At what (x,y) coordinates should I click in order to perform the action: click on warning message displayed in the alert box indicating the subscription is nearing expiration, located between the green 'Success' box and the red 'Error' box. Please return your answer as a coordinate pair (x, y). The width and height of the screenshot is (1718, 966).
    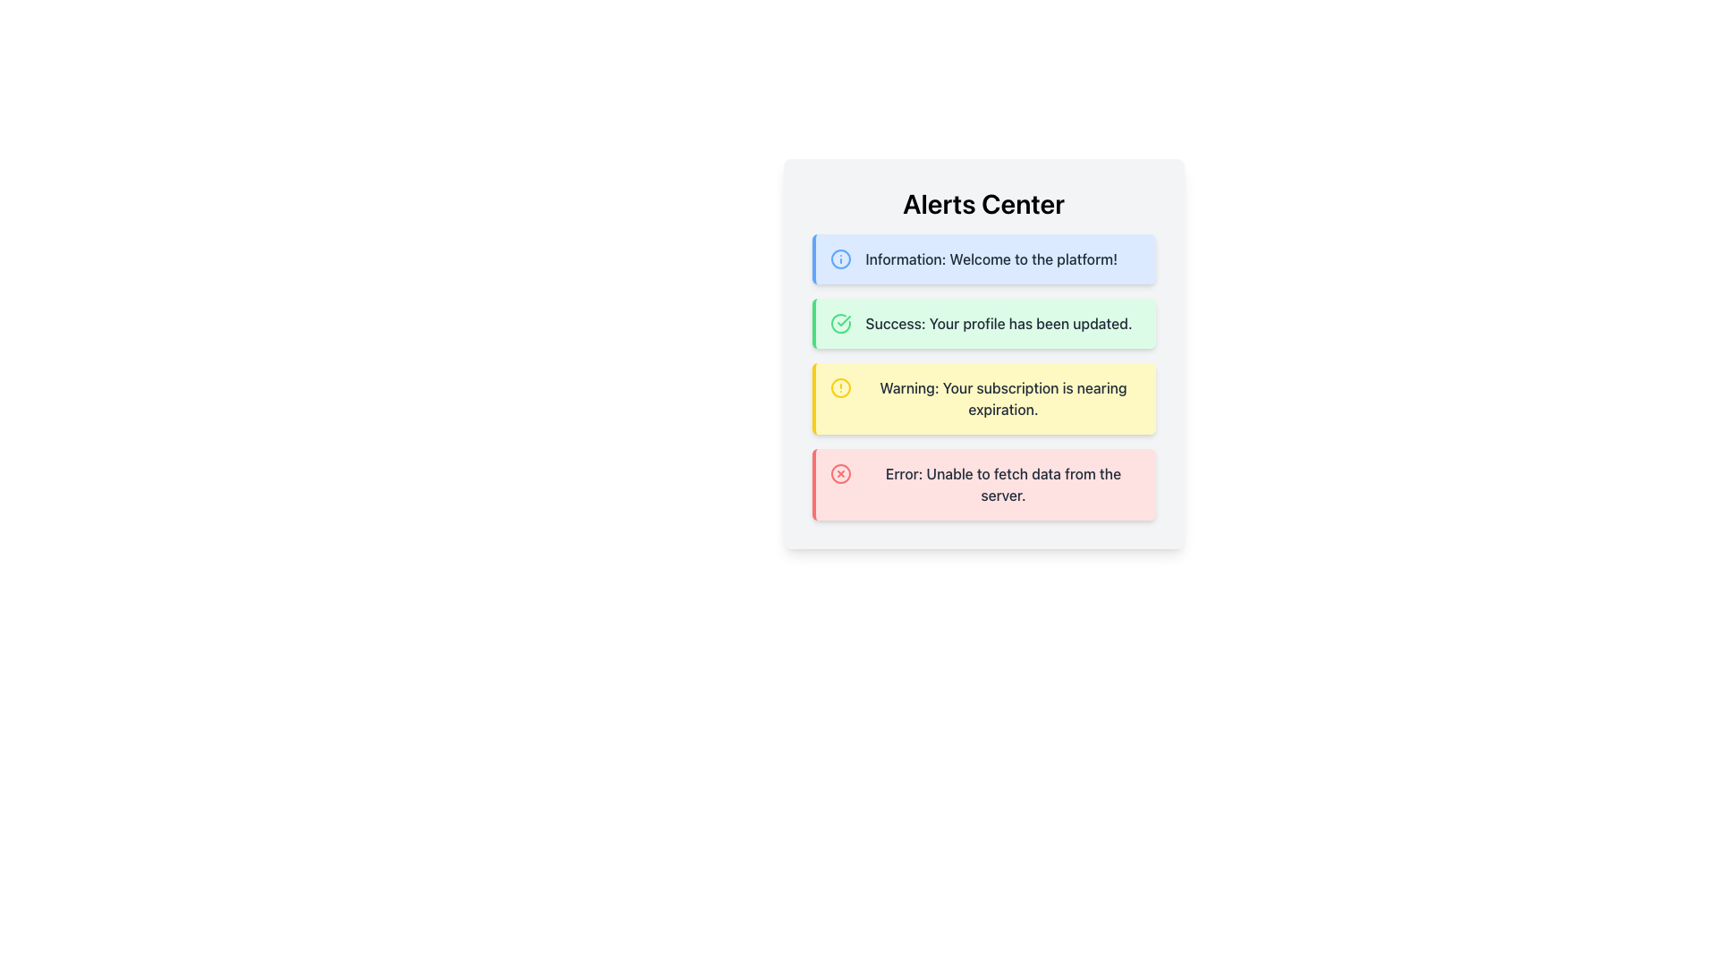
    Looking at the image, I should click on (982, 398).